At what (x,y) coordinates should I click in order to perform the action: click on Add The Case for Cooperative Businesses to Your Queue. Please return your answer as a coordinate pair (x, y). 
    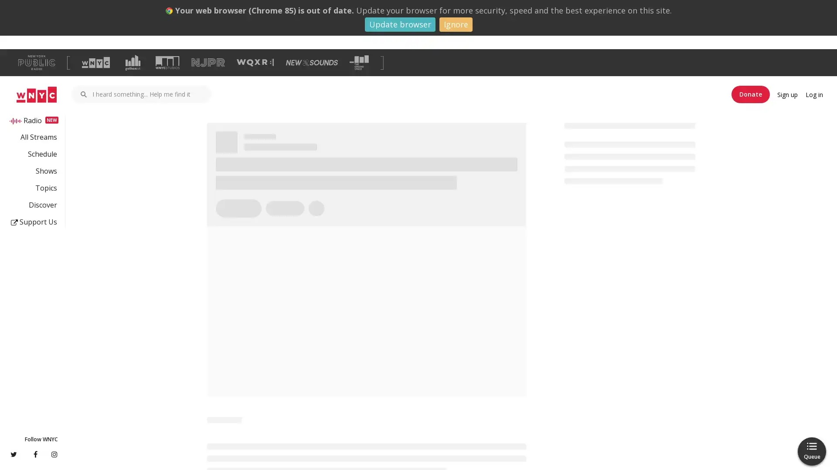
    Looking at the image, I should click on (308, 196).